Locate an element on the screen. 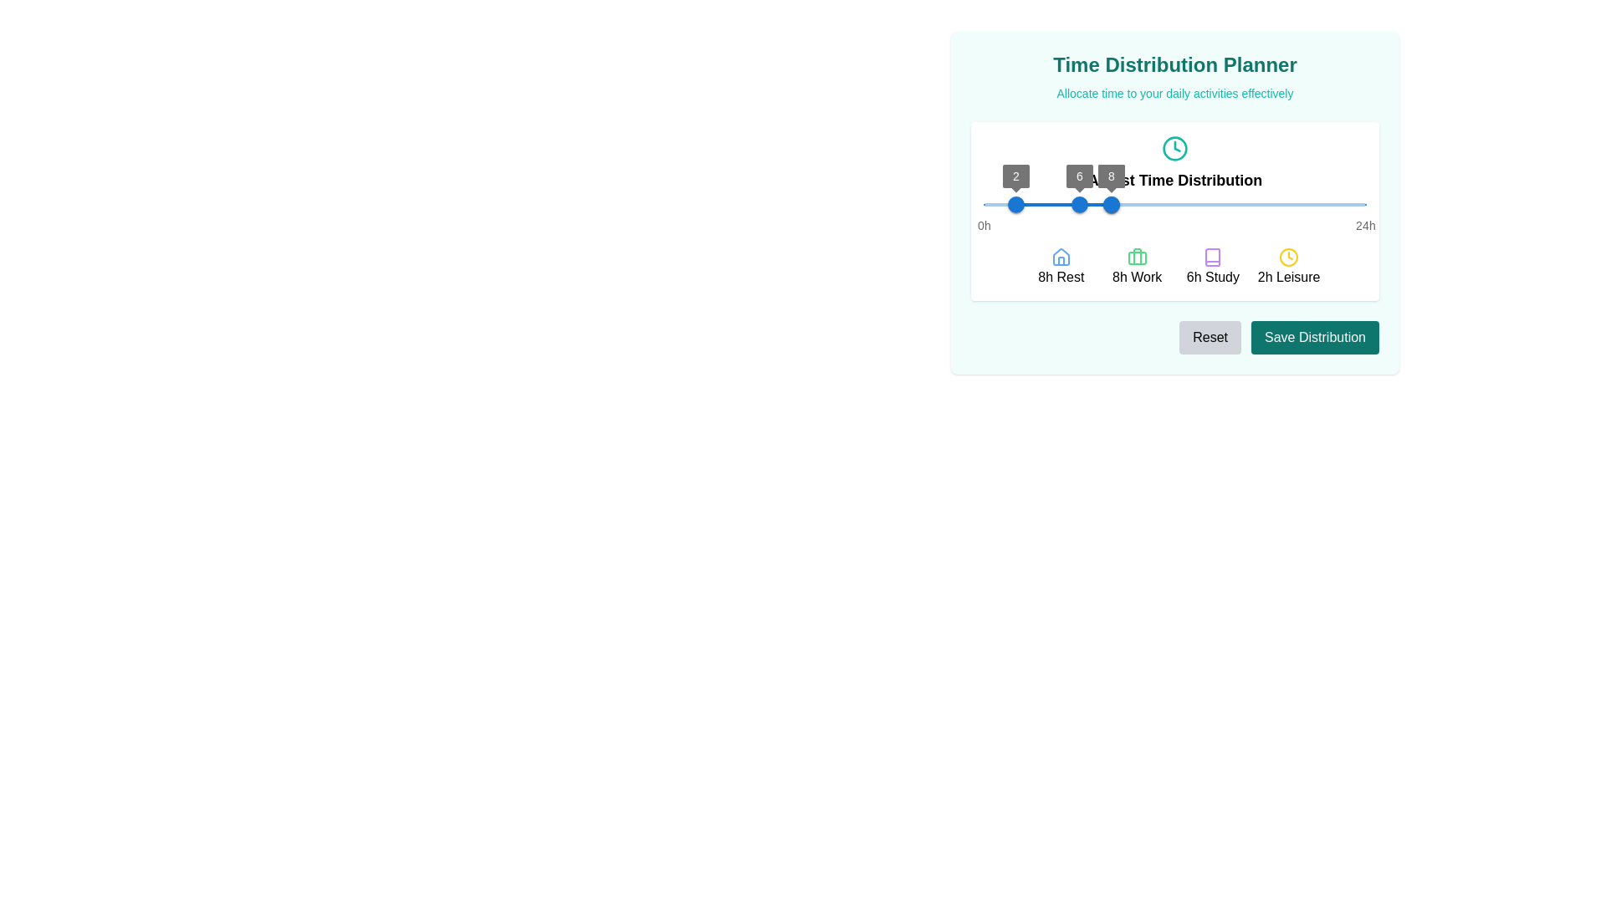 Image resolution: width=1606 pixels, height=903 pixels. text label '2h Leisure' associated with the yellow clock icon located at the bottom right corner of the grid arrangement is located at coordinates (1288, 267).